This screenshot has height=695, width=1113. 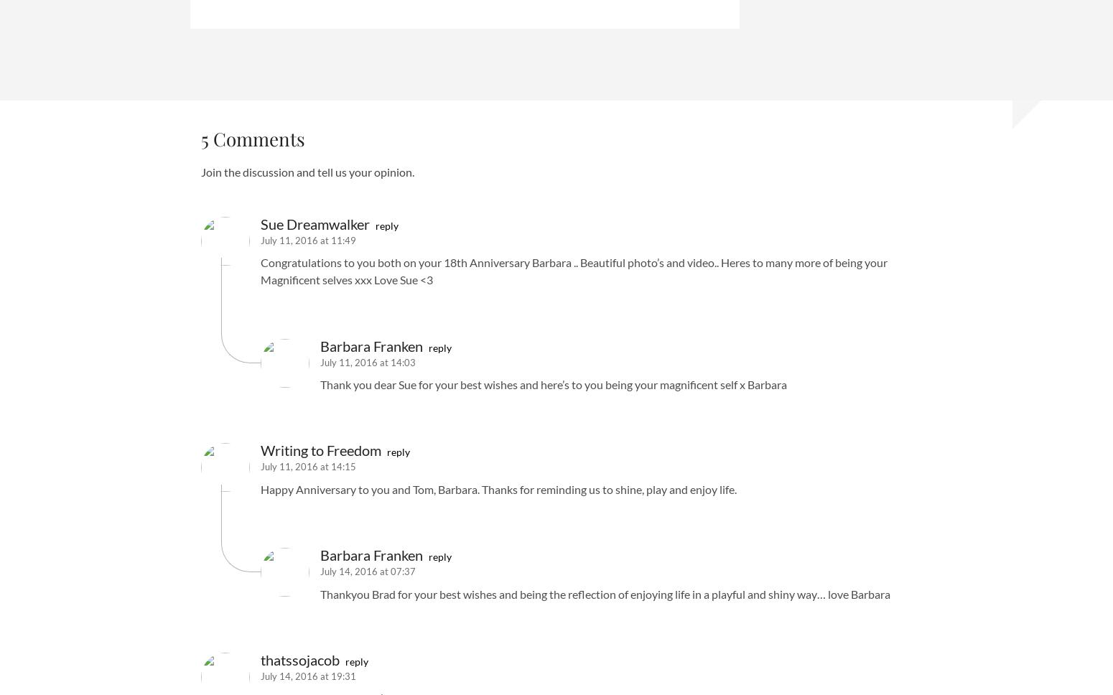 I want to click on '5 Comments', so click(x=252, y=139).